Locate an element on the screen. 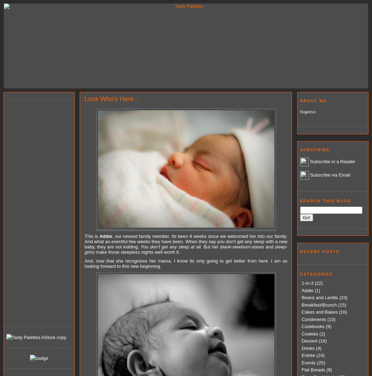 The width and height of the screenshot is (372, 376). 'Drinks' is located at coordinates (308, 348).